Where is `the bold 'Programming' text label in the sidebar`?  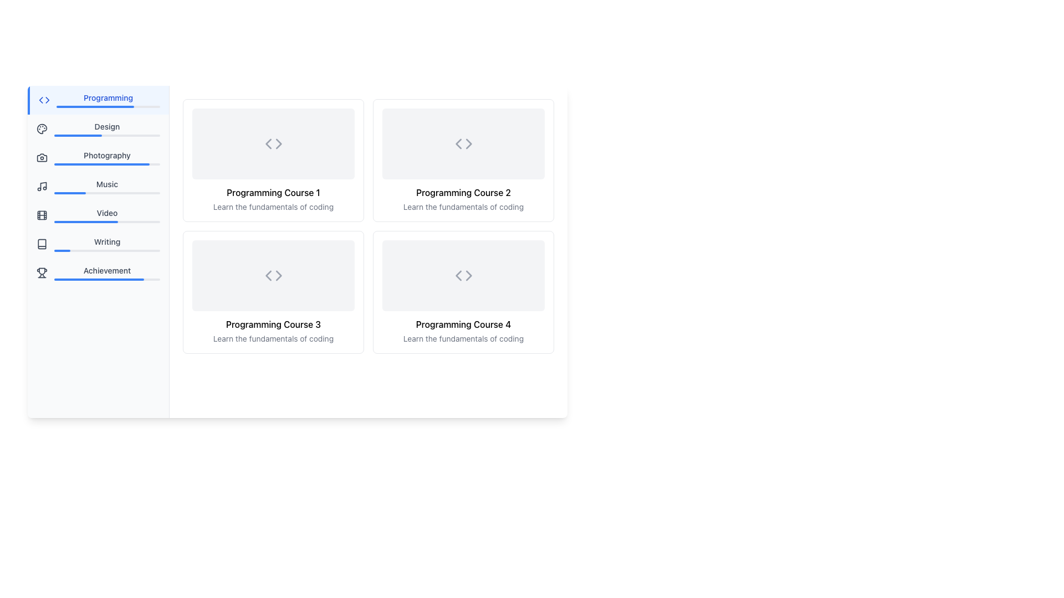 the bold 'Programming' text label in the sidebar is located at coordinates (108, 100).